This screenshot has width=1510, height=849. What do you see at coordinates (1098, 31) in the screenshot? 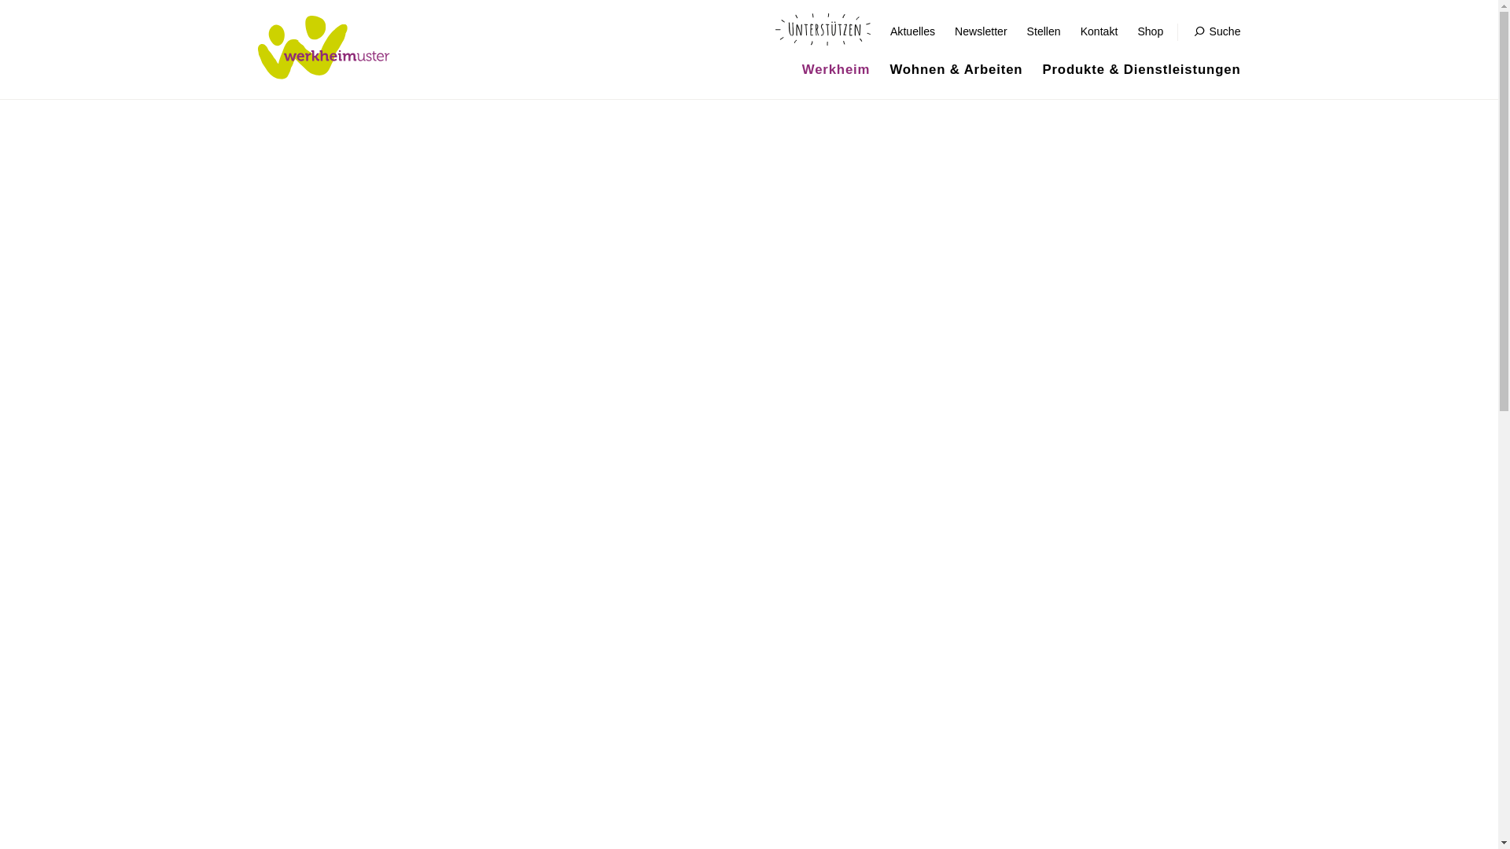
I see `'Kontakt'` at bounding box center [1098, 31].